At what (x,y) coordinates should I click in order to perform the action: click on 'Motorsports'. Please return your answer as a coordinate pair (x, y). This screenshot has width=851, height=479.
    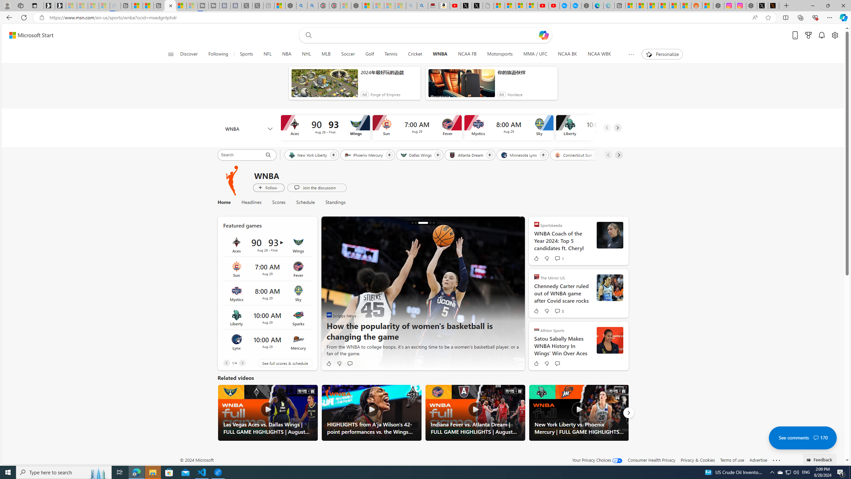
    Looking at the image, I should click on (500, 54).